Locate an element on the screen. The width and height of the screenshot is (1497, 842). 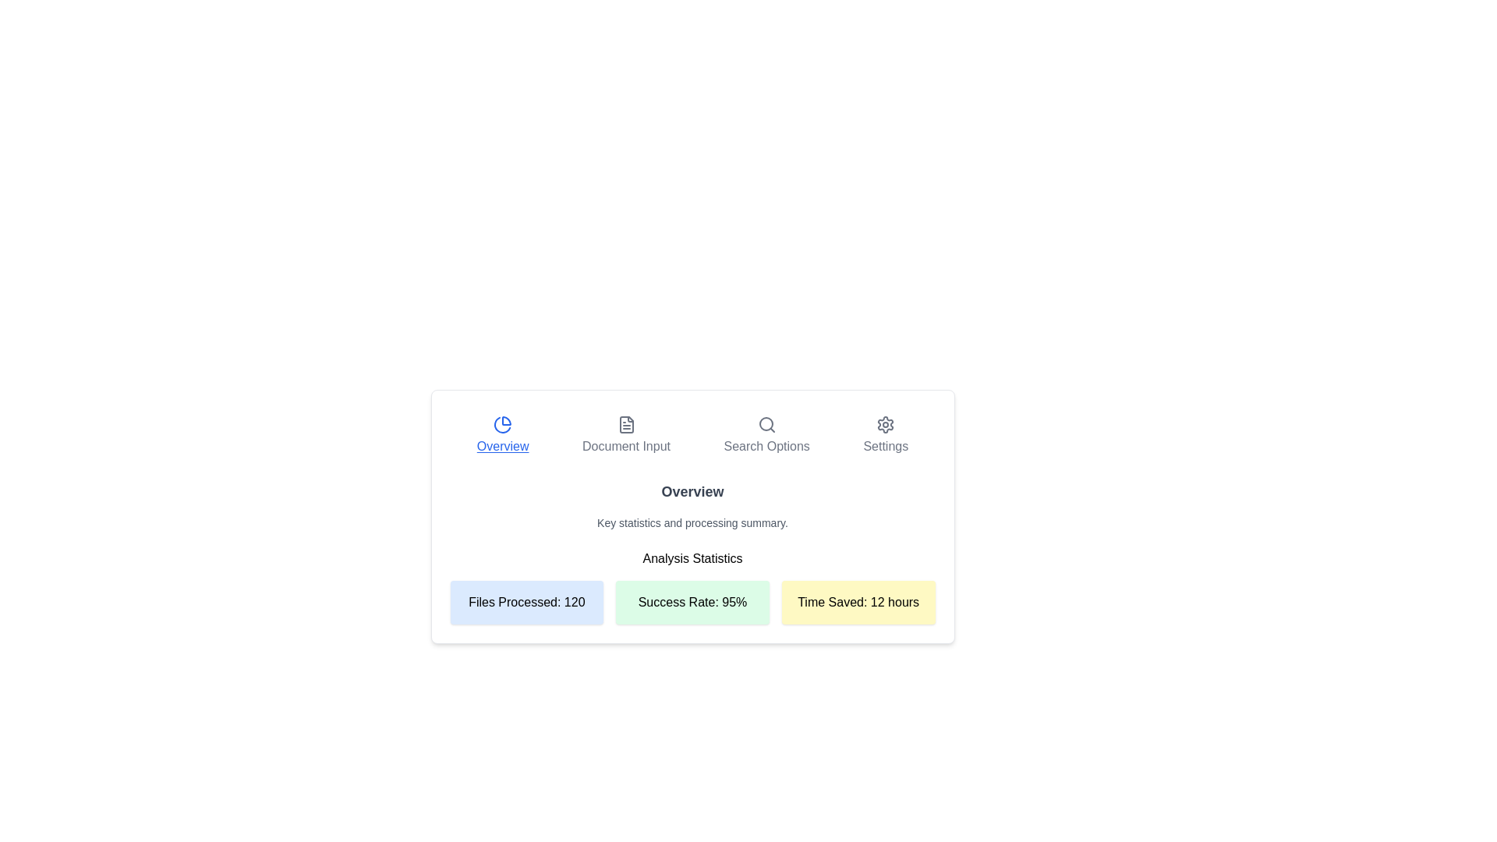
the 'Settings' button is located at coordinates (886, 436).